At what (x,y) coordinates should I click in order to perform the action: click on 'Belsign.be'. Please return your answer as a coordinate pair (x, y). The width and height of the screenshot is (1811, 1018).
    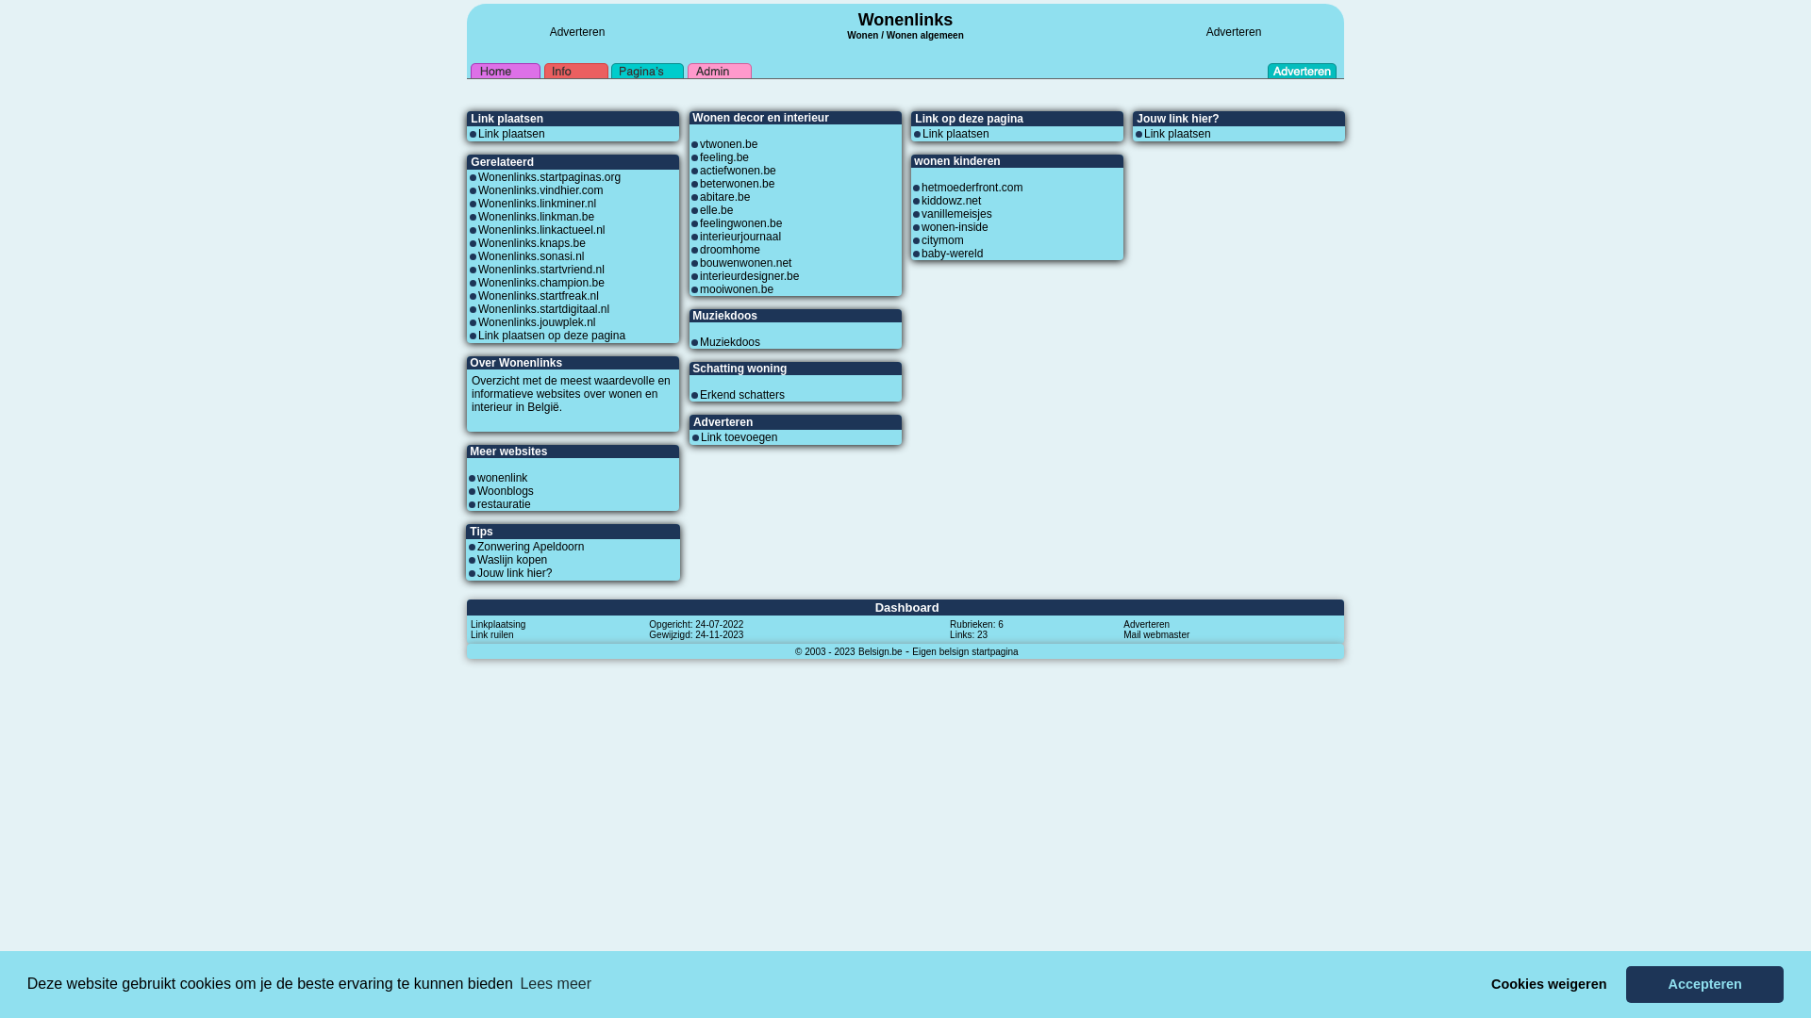
    Looking at the image, I should click on (879, 649).